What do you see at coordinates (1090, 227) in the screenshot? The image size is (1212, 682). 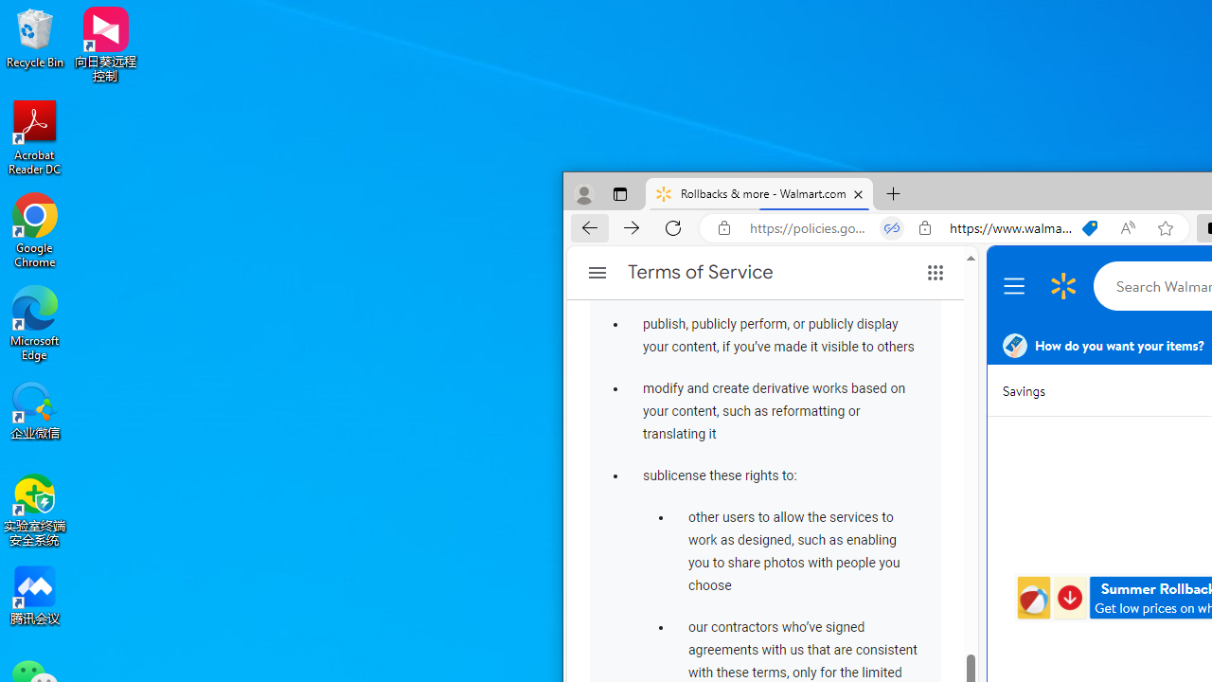 I see `'This site has coupons! Shopping in Microsoft Edge, 7'` at bounding box center [1090, 227].